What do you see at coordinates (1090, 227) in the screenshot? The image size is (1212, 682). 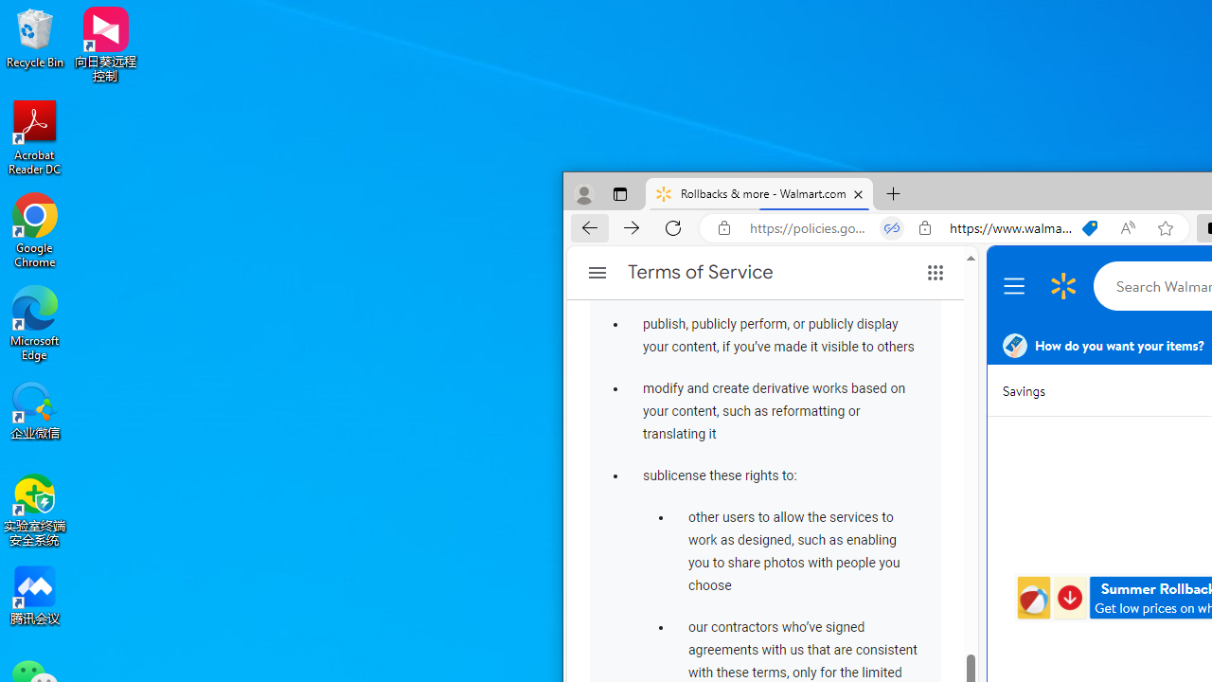 I see `'This site has coupons! Shopping in Microsoft Edge, 7'` at bounding box center [1090, 227].